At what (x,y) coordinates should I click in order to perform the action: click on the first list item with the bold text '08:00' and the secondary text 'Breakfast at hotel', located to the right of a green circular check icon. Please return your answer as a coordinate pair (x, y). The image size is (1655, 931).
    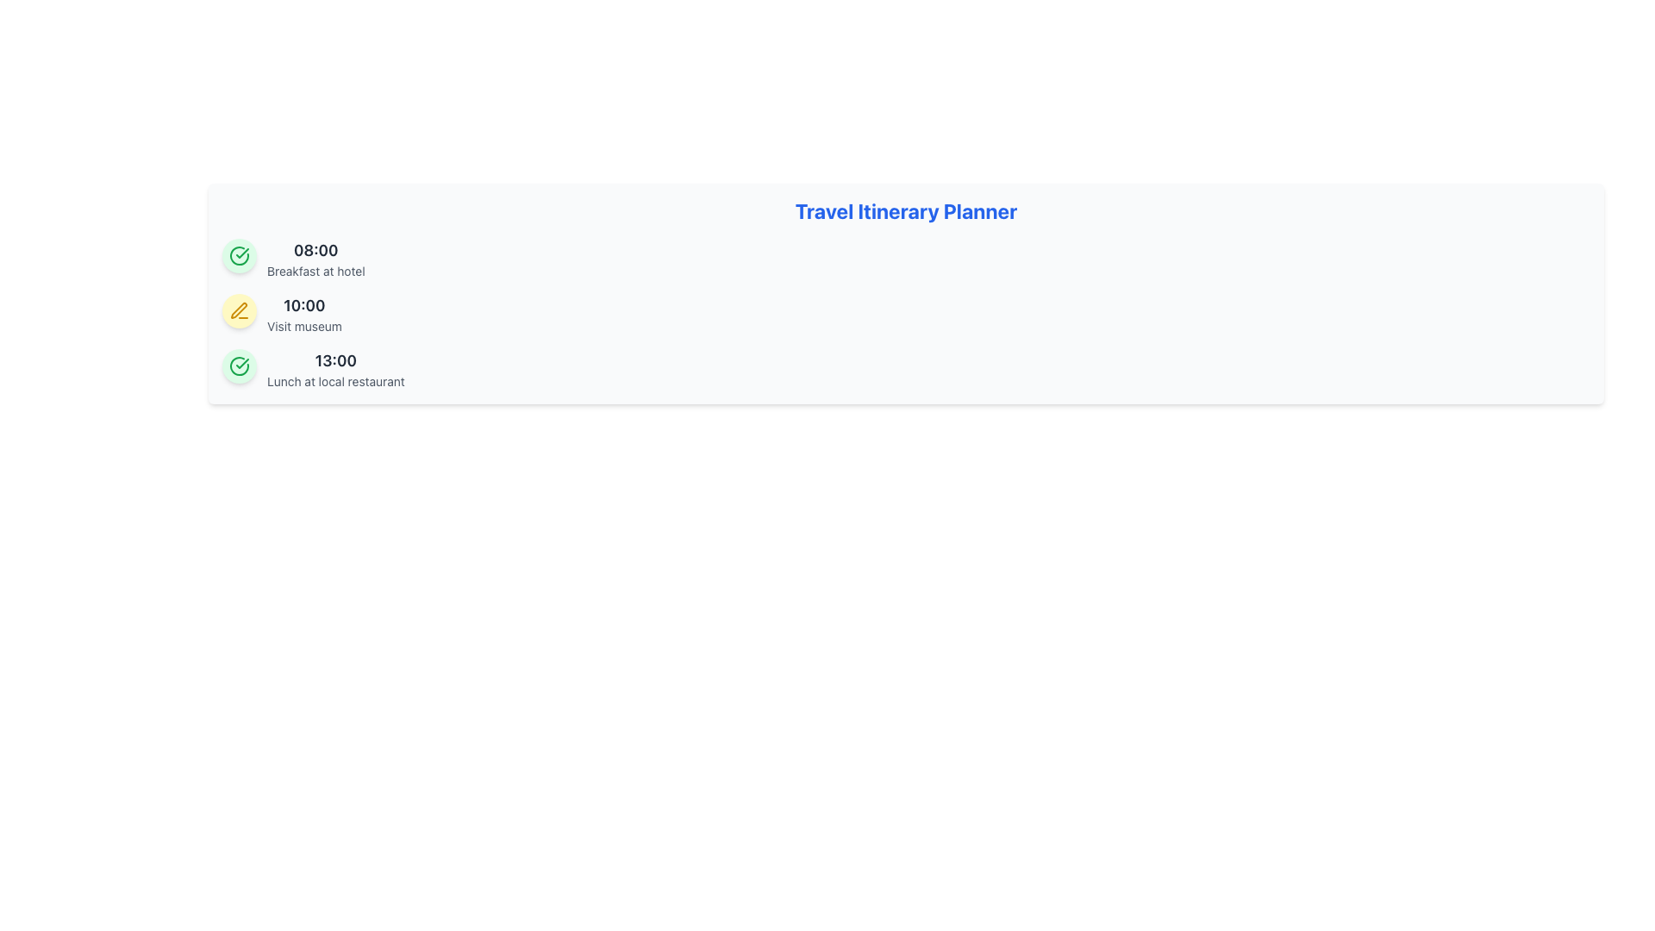
    Looking at the image, I should click on (315, 259).